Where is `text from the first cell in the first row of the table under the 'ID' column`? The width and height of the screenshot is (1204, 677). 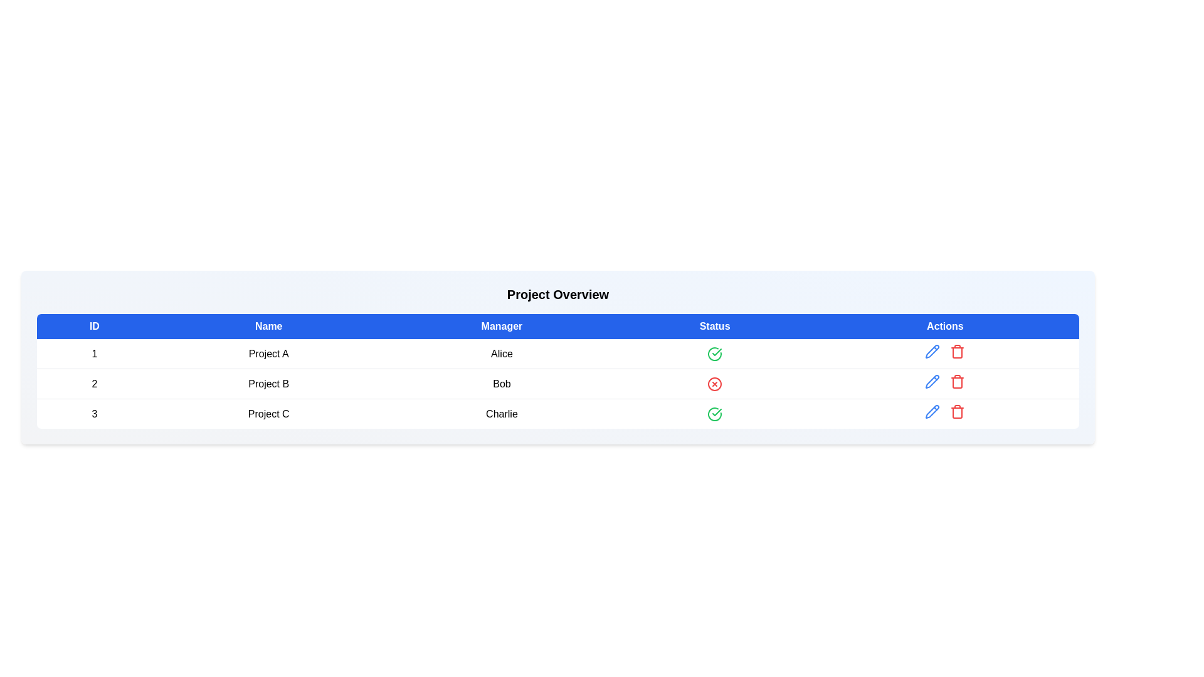 text from the first cell in the first row of the table under the 'ID' column is located at coordinates (93, 354).